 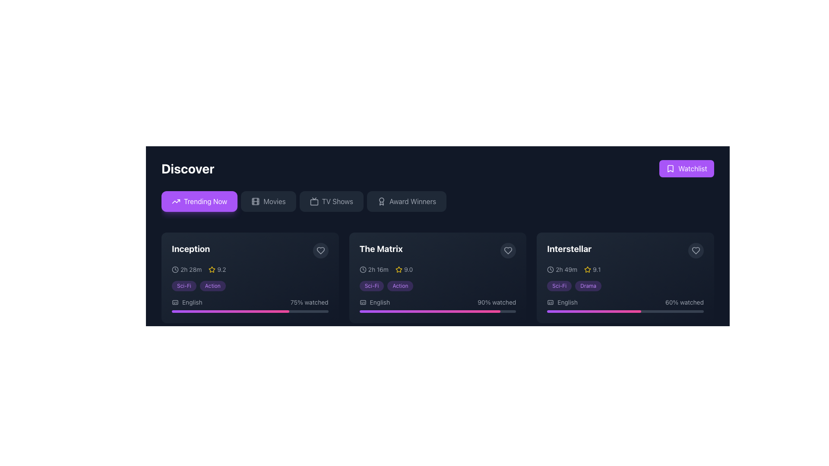 I want to click on the progress bar element located at the bottom of the 'Interstellar' movie card, which features a gradient from purple to pink and indicates percentage completion, so click(x=625, y=311).